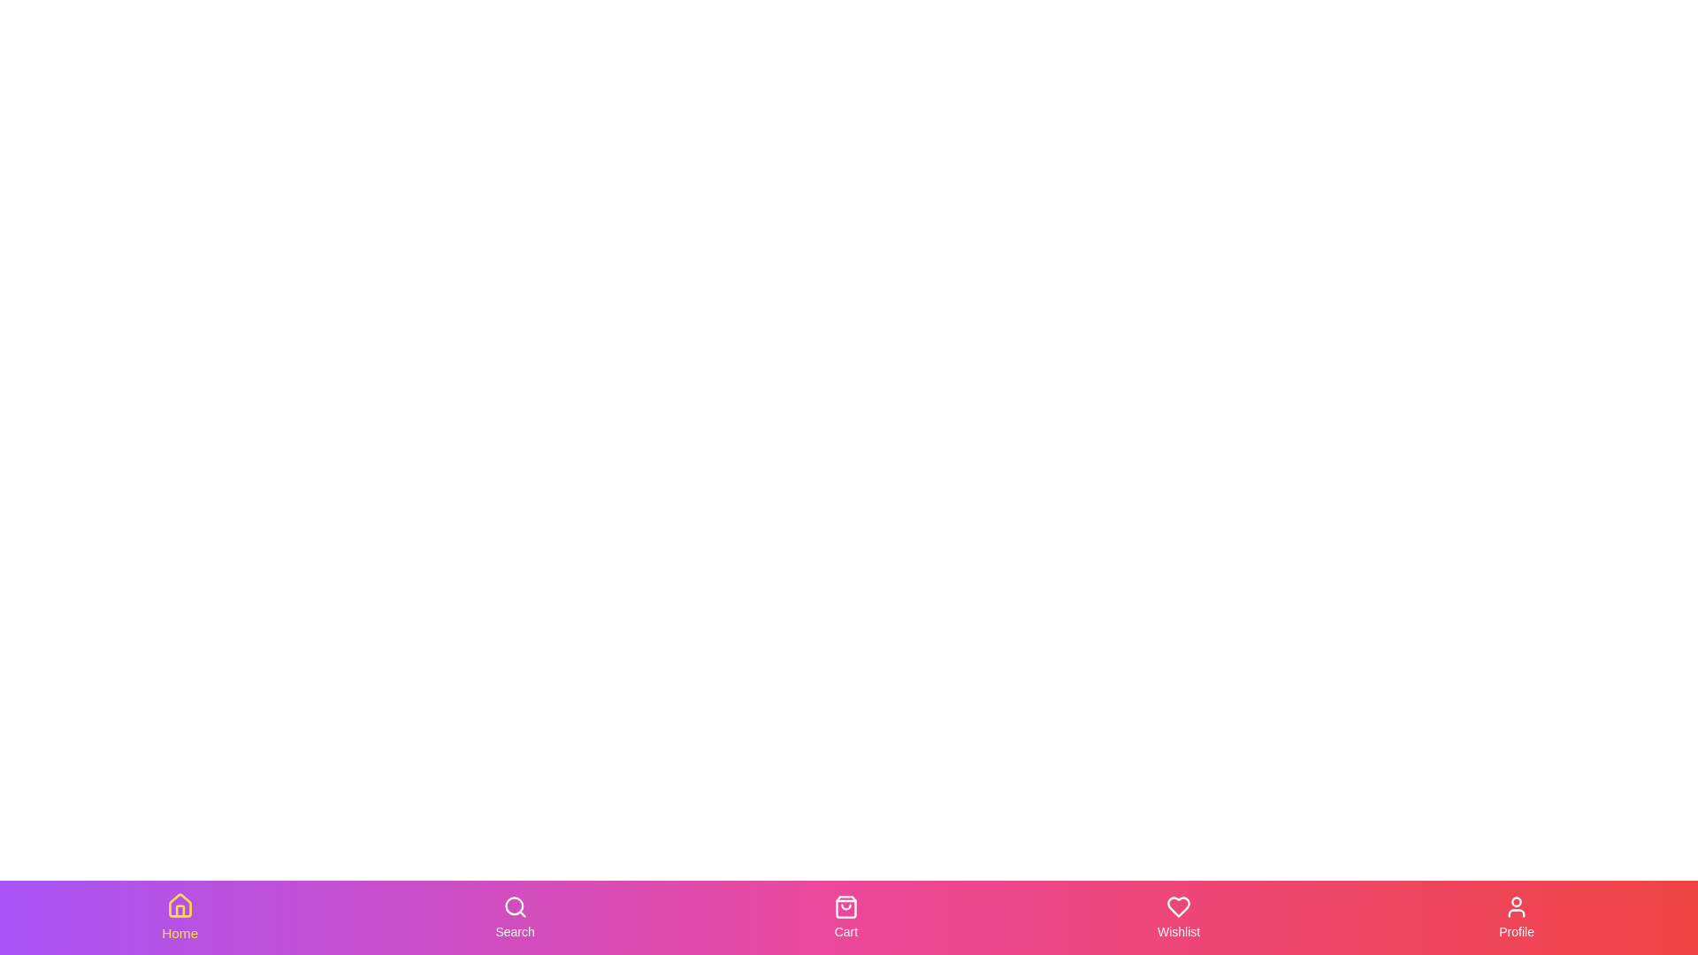 This screenshot has height=955, width=1698. Describe the element at coordinates (514, 916) in the screenshot. I see `the Search tab in the bottom navigation` at that location.